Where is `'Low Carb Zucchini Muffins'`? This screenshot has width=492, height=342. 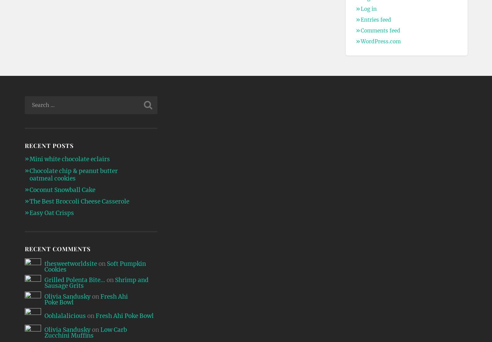 'Low Carb Zucchini Muffins' is located at coordinates (85, 332).